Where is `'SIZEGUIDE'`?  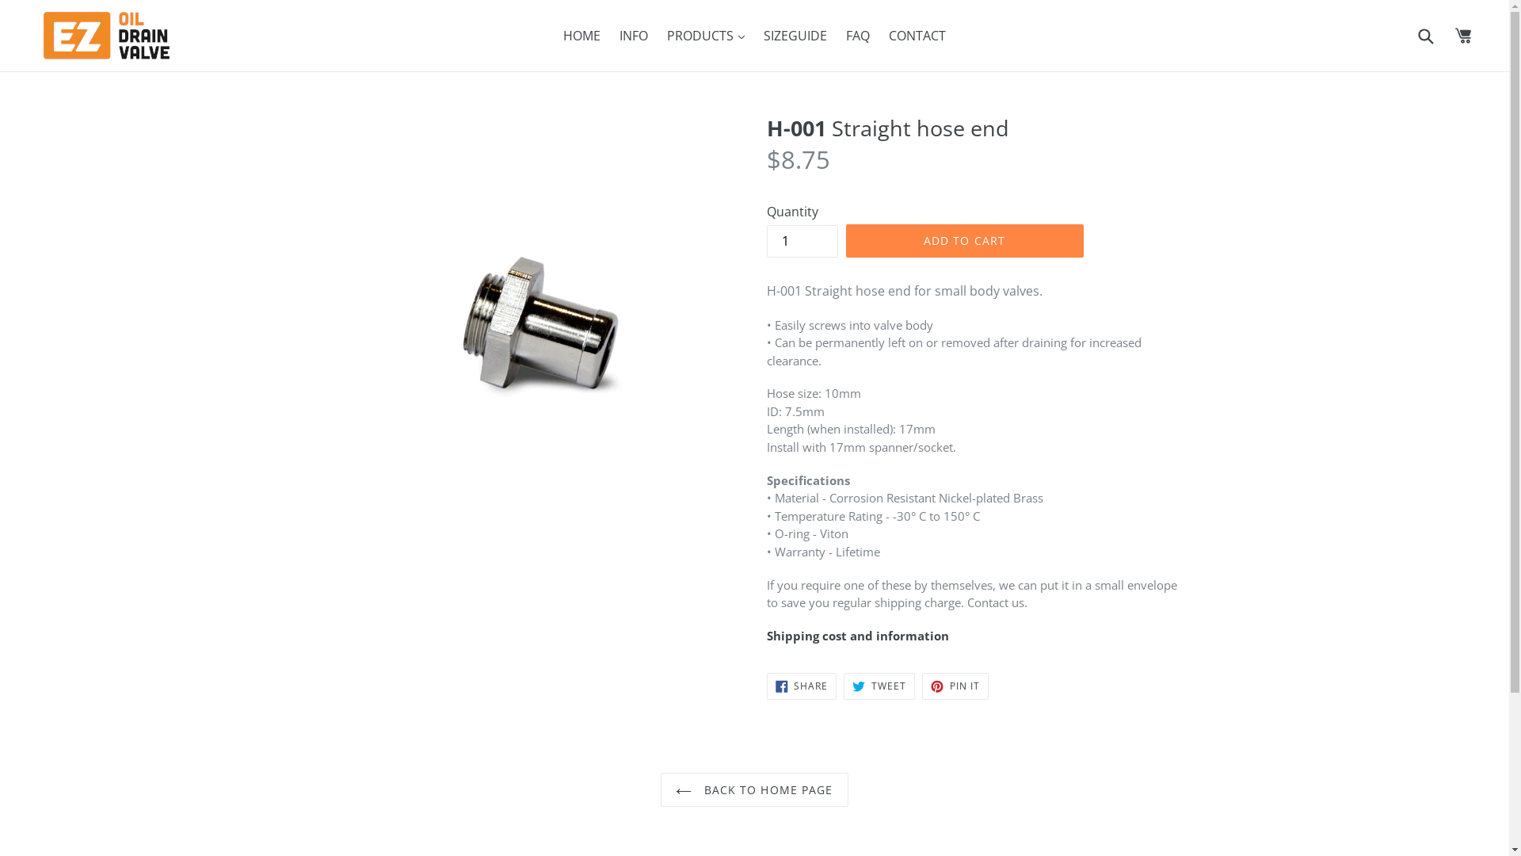
'SIZEGUIDE' is located at coordinates (795, 36).